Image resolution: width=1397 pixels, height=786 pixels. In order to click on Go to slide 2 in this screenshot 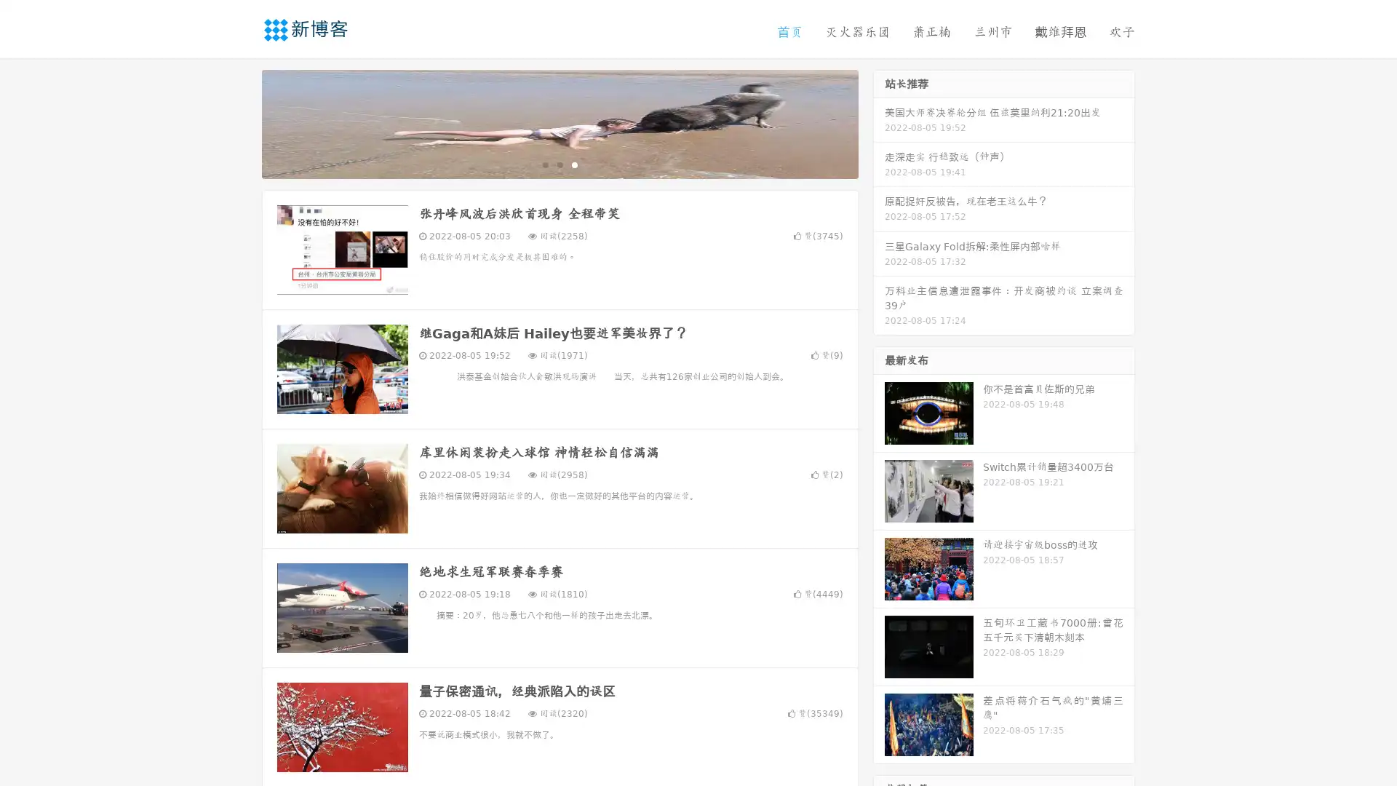, I will do `click(559, 164)`.